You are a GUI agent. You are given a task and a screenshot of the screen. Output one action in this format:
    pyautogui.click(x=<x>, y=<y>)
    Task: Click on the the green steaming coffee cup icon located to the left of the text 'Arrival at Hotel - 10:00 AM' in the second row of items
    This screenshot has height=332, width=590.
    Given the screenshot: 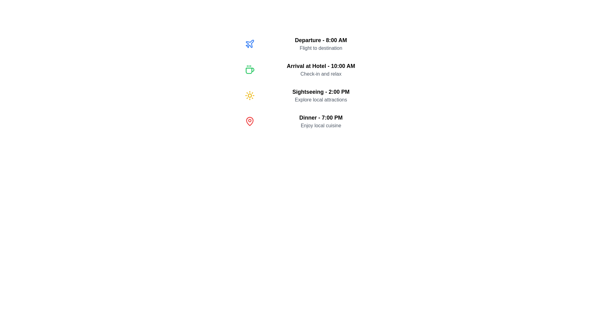 What is the action you would take?
    pyautogui.click(x=250, y=69)
    